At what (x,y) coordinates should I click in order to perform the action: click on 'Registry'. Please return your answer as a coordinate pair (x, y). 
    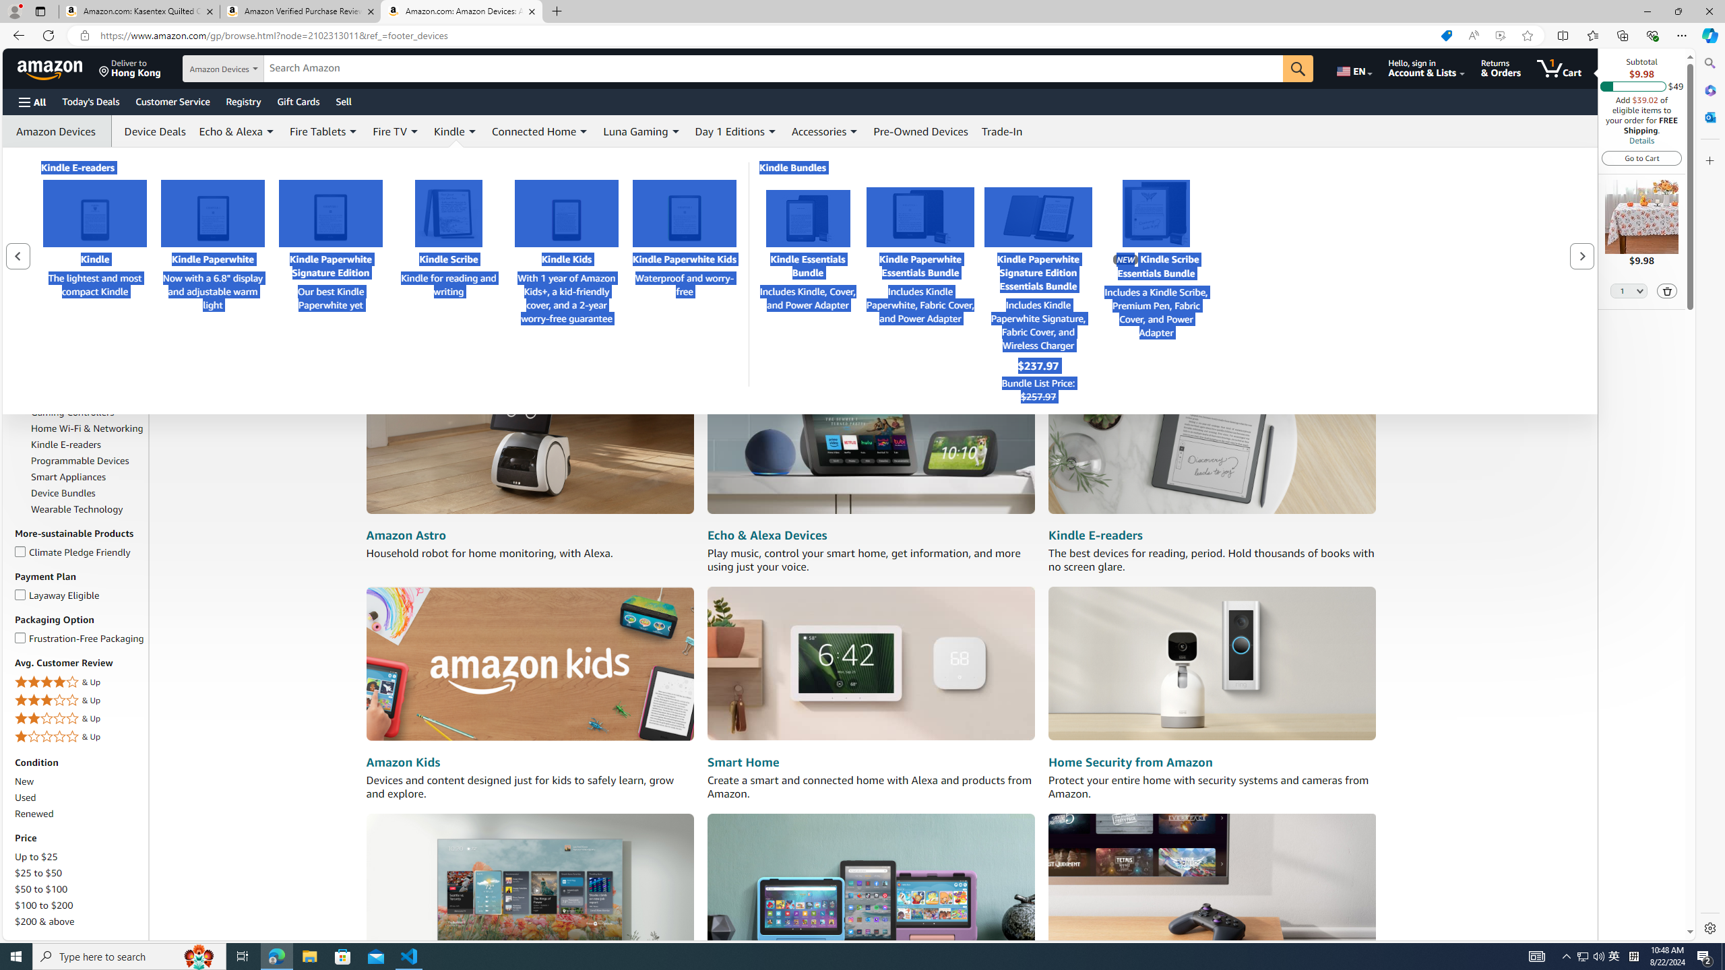
    Looking at the image, I should click on (242, 101).